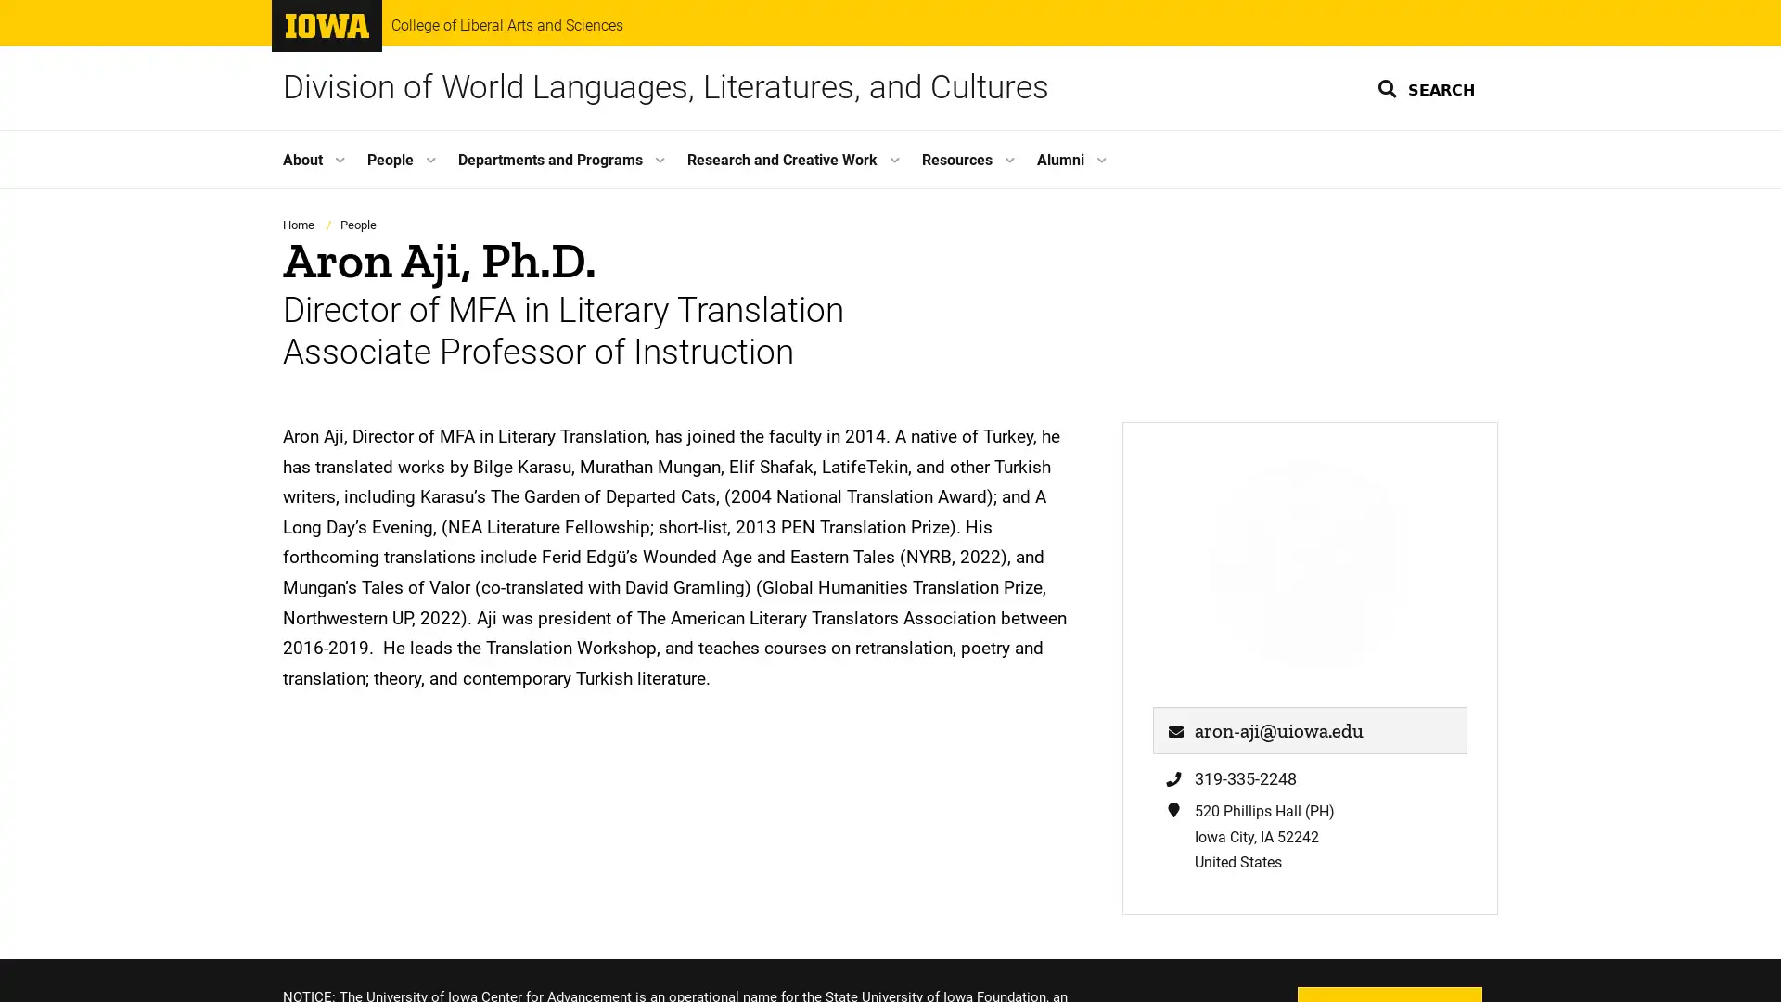  Describe the element at coordinates (1426, 88) in the screenshot. I see `SEARCH` at that location.